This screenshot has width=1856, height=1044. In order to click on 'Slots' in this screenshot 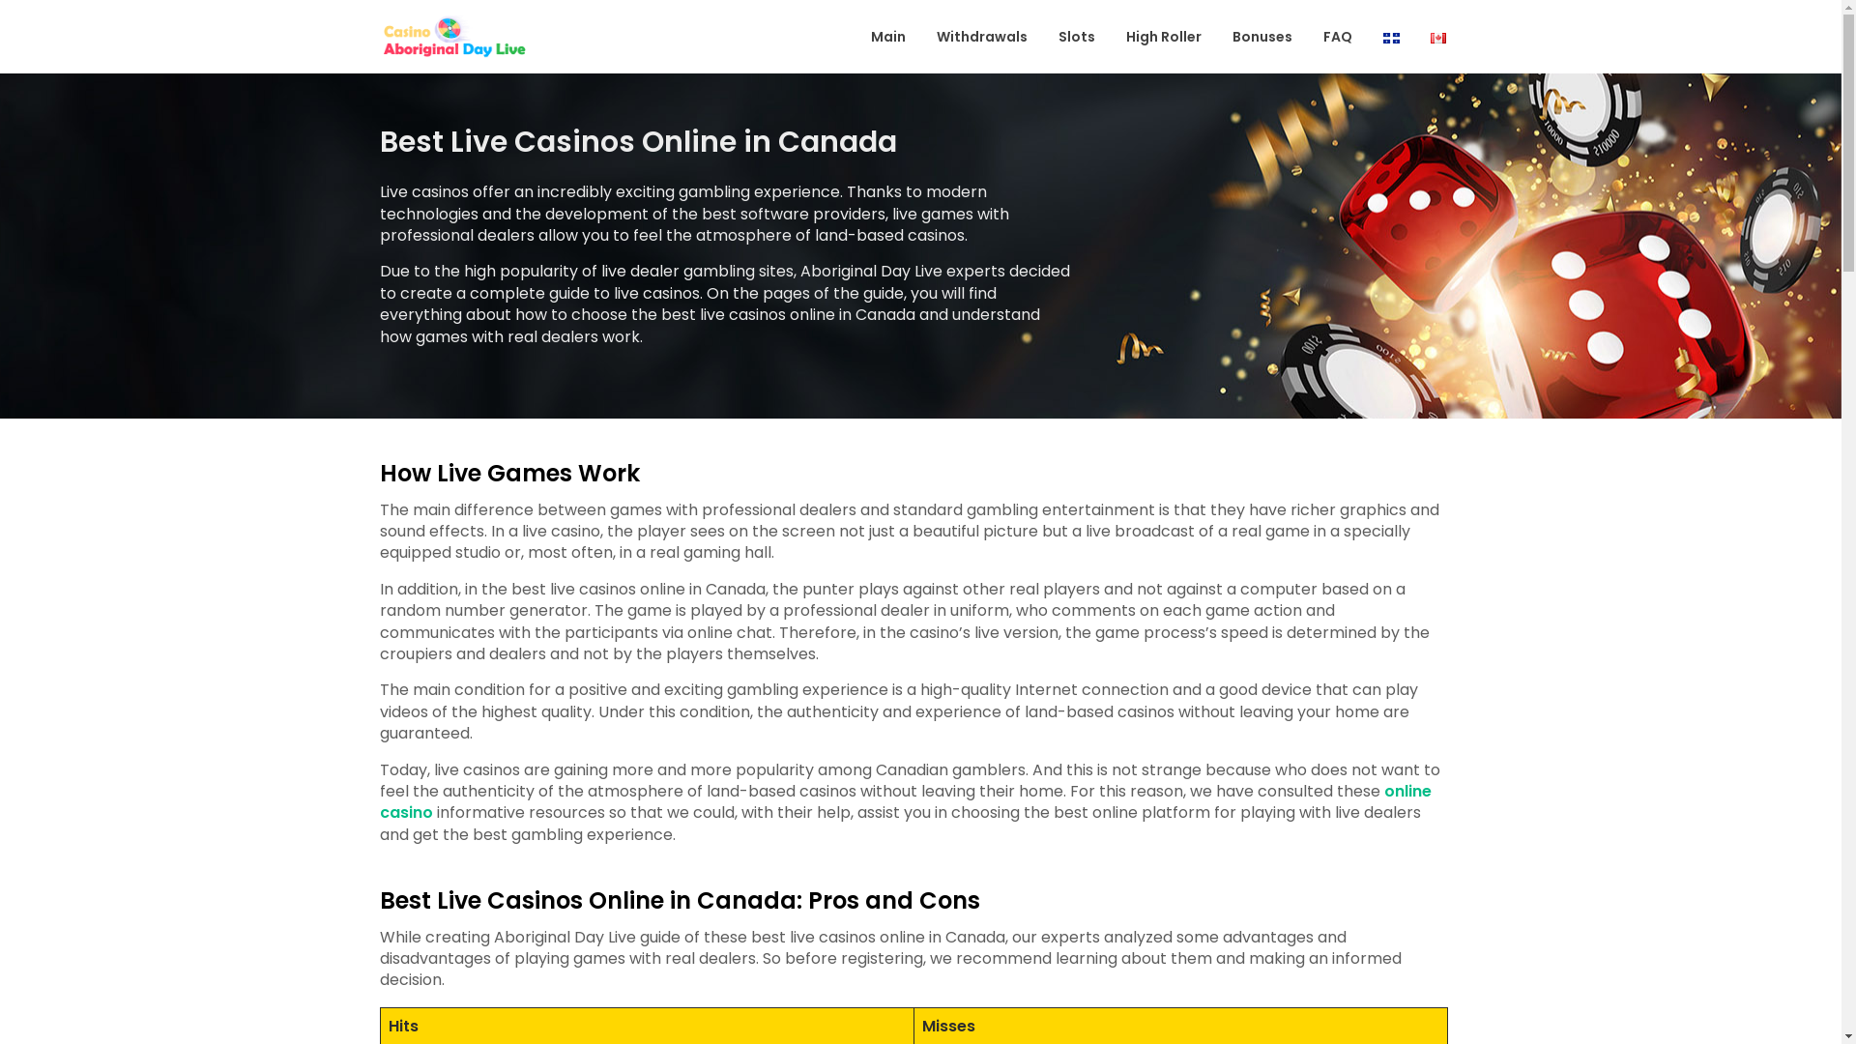, I will do `click(1075, 37)`.